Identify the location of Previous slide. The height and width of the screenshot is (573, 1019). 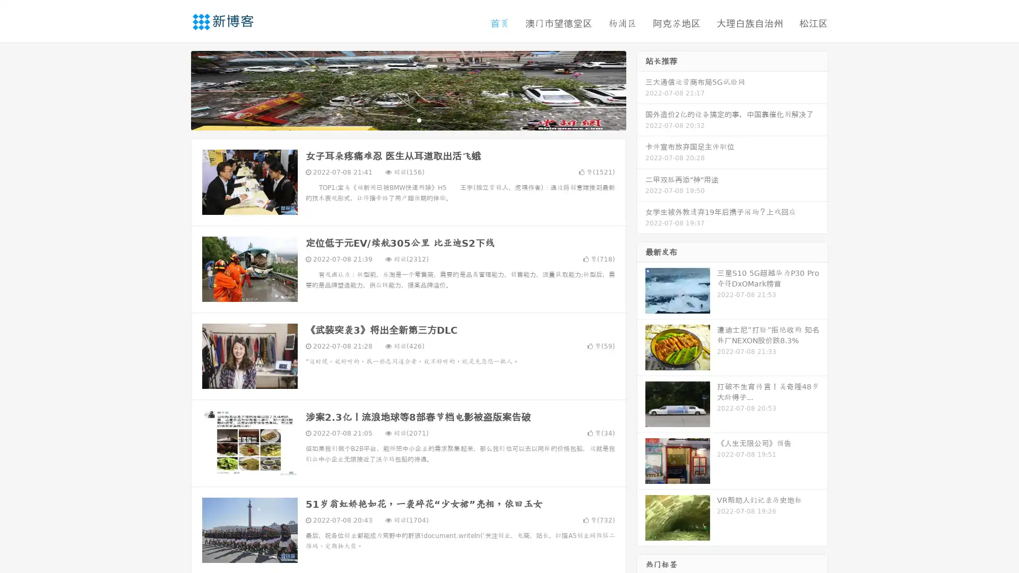
(175, 89).